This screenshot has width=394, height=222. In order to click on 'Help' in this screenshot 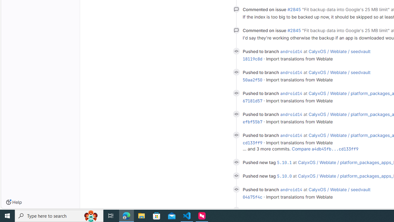, I will do `click(14, 202)`.